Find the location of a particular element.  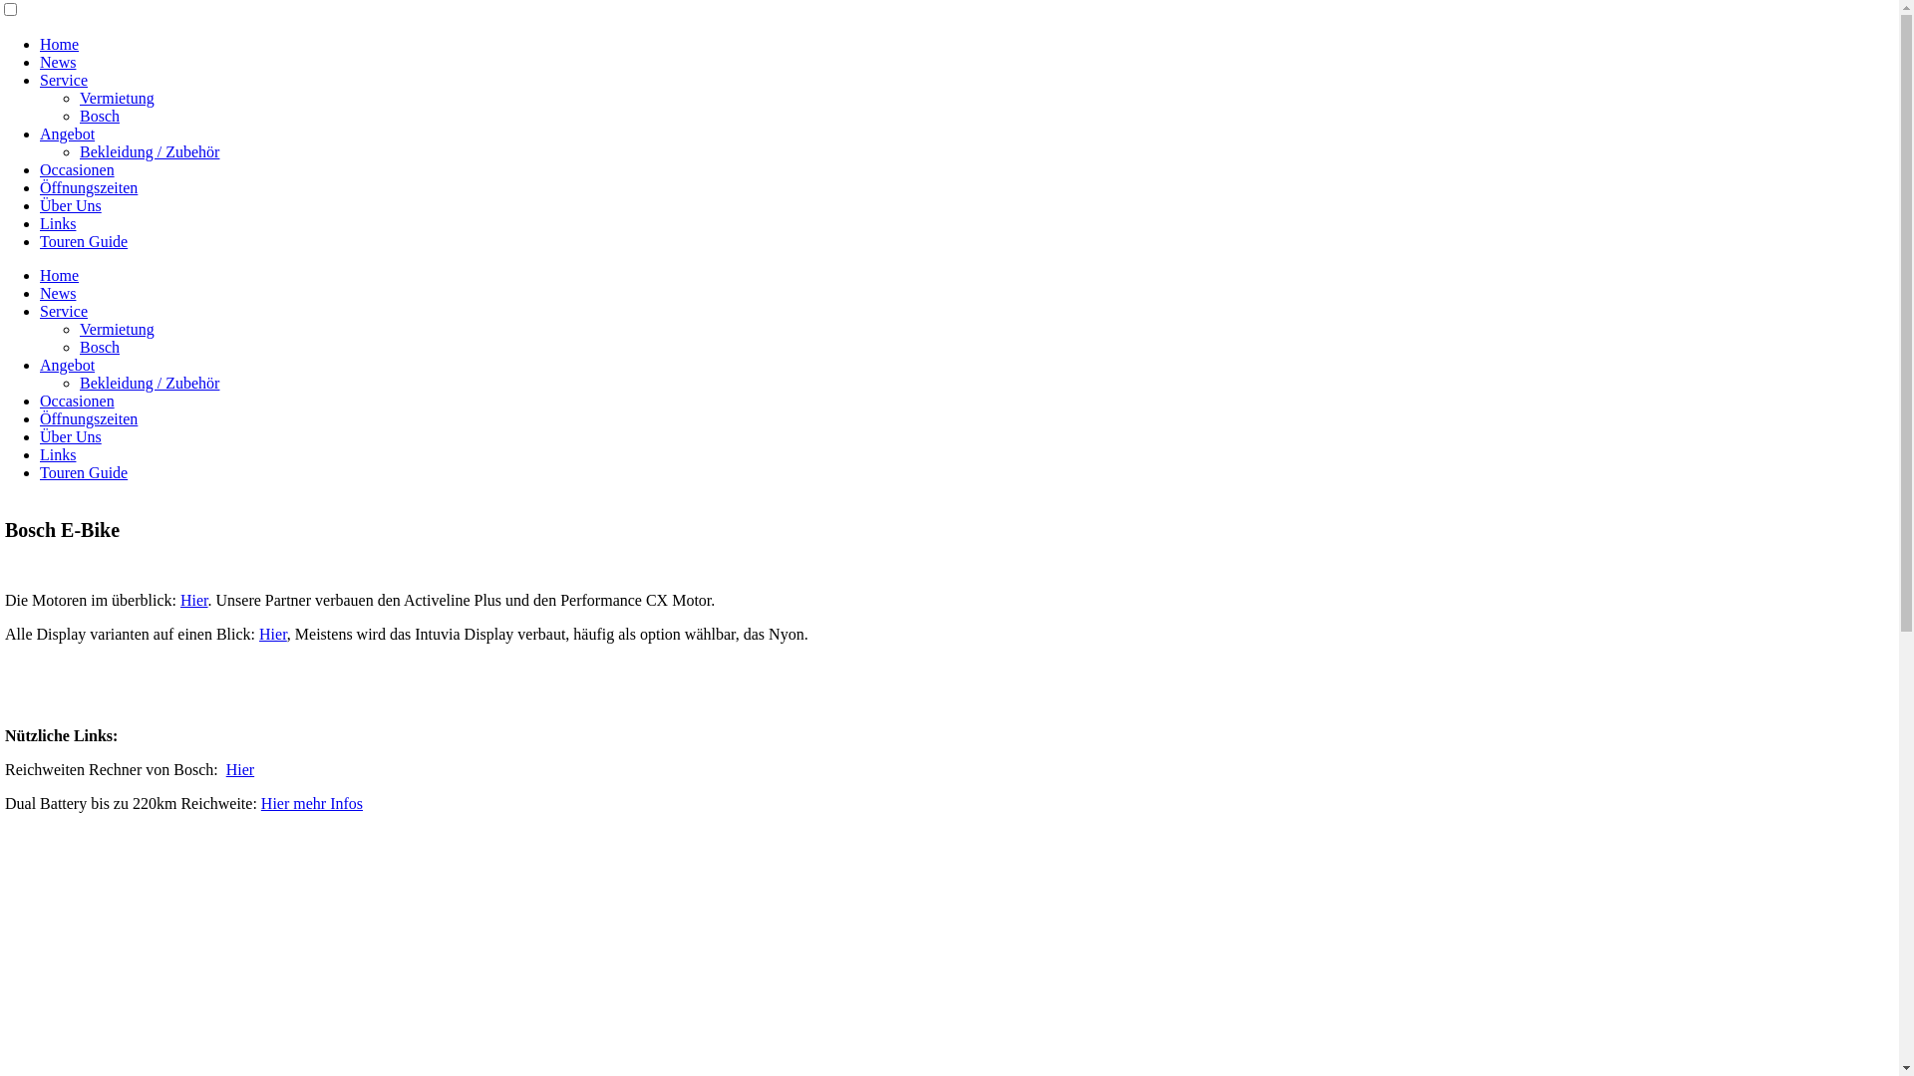

'Vermietung' is located at coordinates (116, 98).